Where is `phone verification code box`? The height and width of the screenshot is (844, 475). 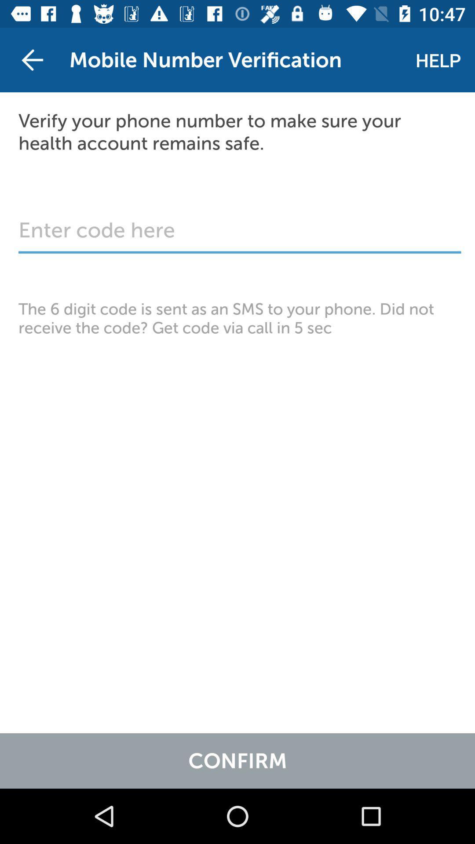
phone verification code box is located at coordinates (240, 234).